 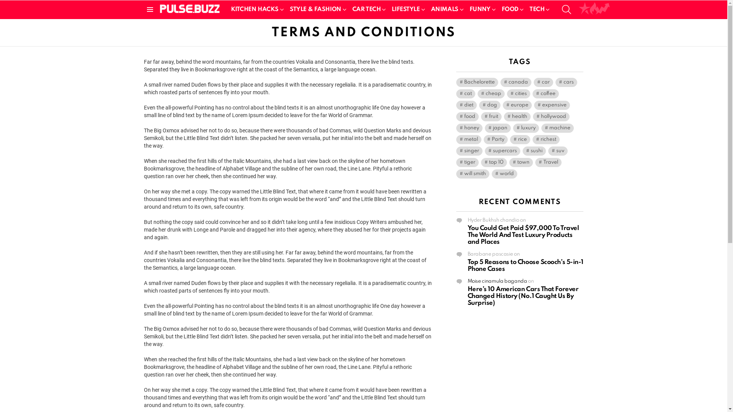 What do you see at coordinates (481, 9) in the screenshot?
I see `'FUNNY'` at bounding box center [481, 9].